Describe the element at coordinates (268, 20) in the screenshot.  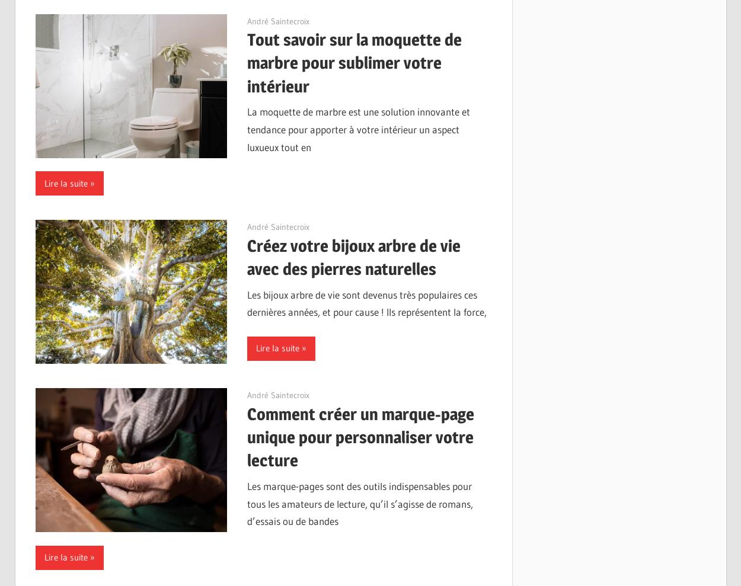
I see `'16/10/2023'` at that location.